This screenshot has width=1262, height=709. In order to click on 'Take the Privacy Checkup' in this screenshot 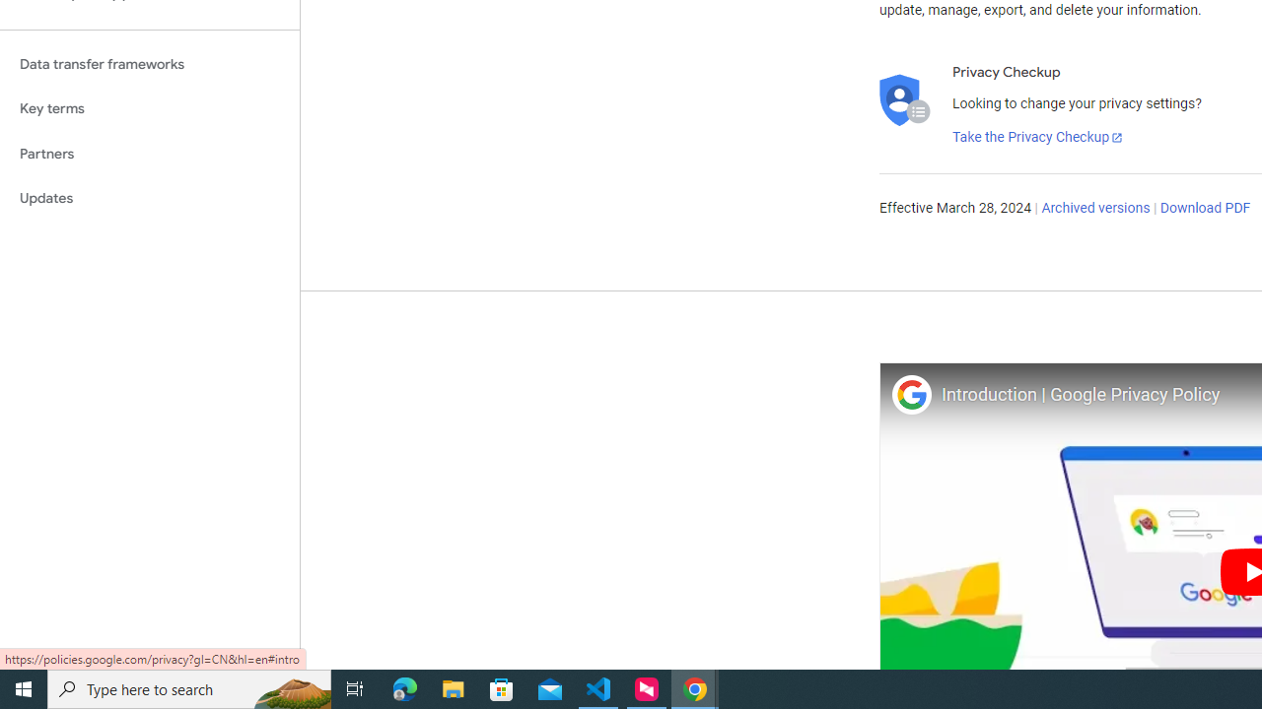, I will do `click(1037, 137)`.